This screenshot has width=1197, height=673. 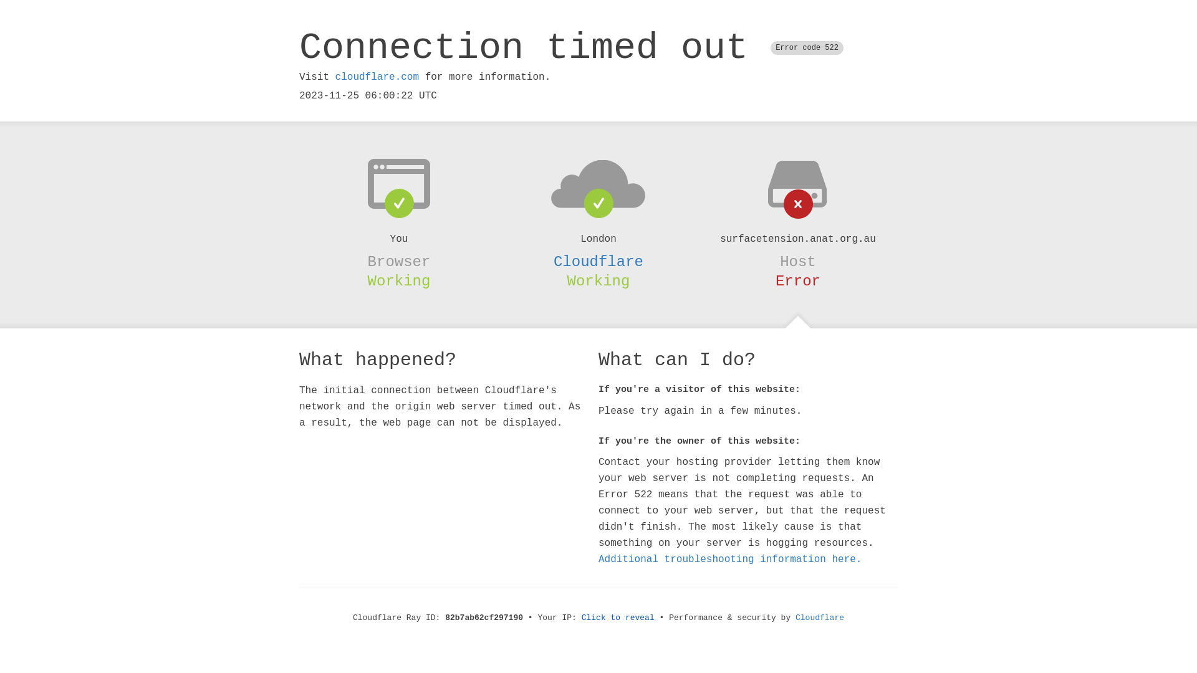 I want to click on 'cloudflare.com', so click(x=376, y=77).